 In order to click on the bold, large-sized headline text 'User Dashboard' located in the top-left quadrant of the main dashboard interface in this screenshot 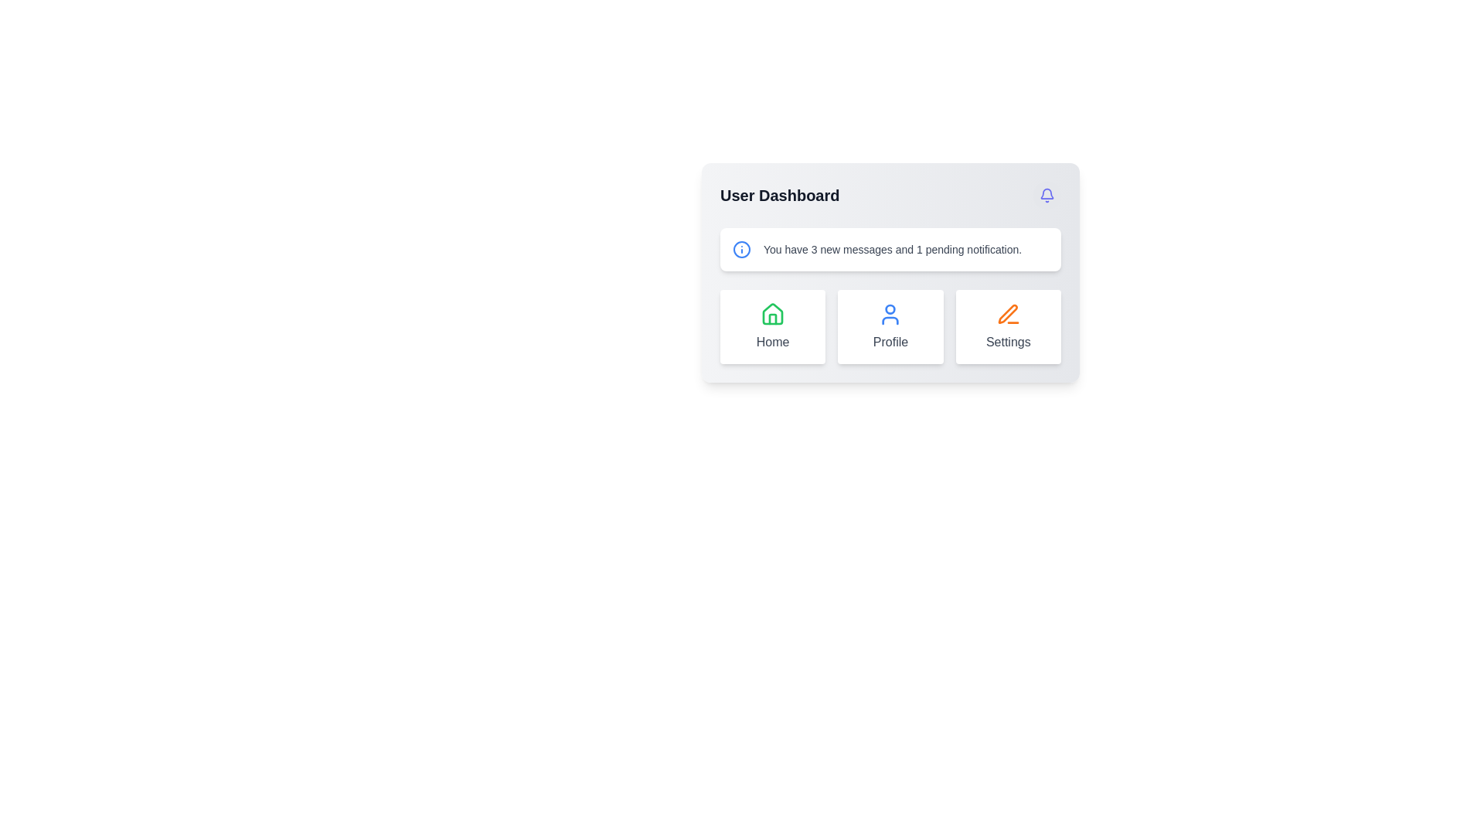, I will do `click(780, 195)`.